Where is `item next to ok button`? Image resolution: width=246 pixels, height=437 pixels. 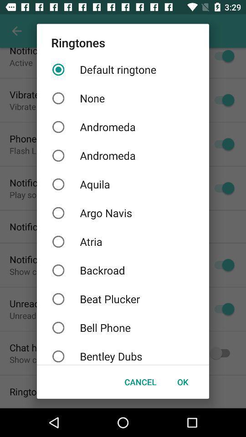
item next to ok button is located at coordinates (140, 382).